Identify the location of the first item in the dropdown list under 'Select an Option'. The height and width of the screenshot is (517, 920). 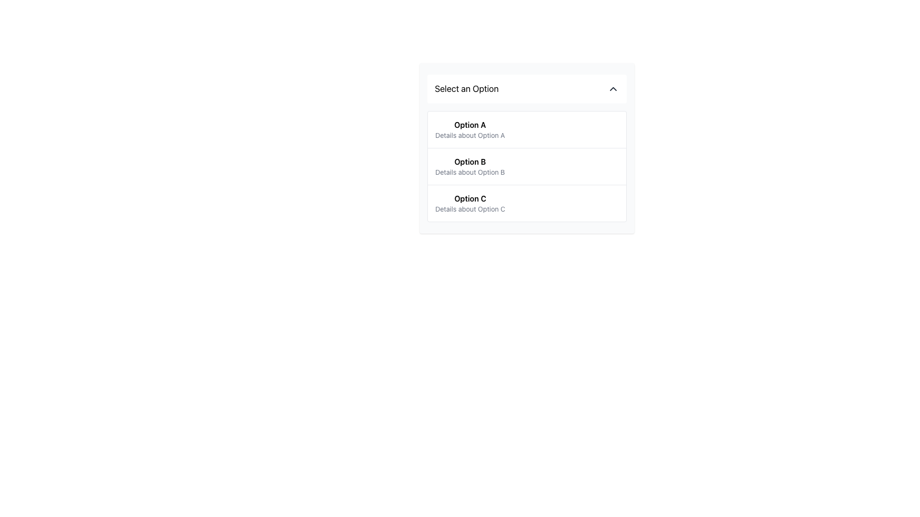
(526, 129).